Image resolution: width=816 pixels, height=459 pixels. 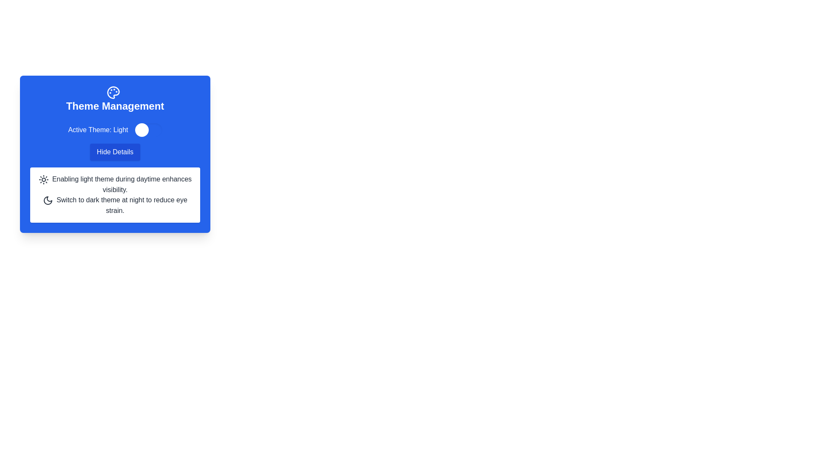 What do you see at coordinates (122, 205) in the screenshot?
I see `the text label that suggests the benefits of switching to a dark theme during nighttime, which is located directly below the text 'Enabling light theme during daytime enhances visibility.' and an associated sun icon` at bounding box center [122, 205].